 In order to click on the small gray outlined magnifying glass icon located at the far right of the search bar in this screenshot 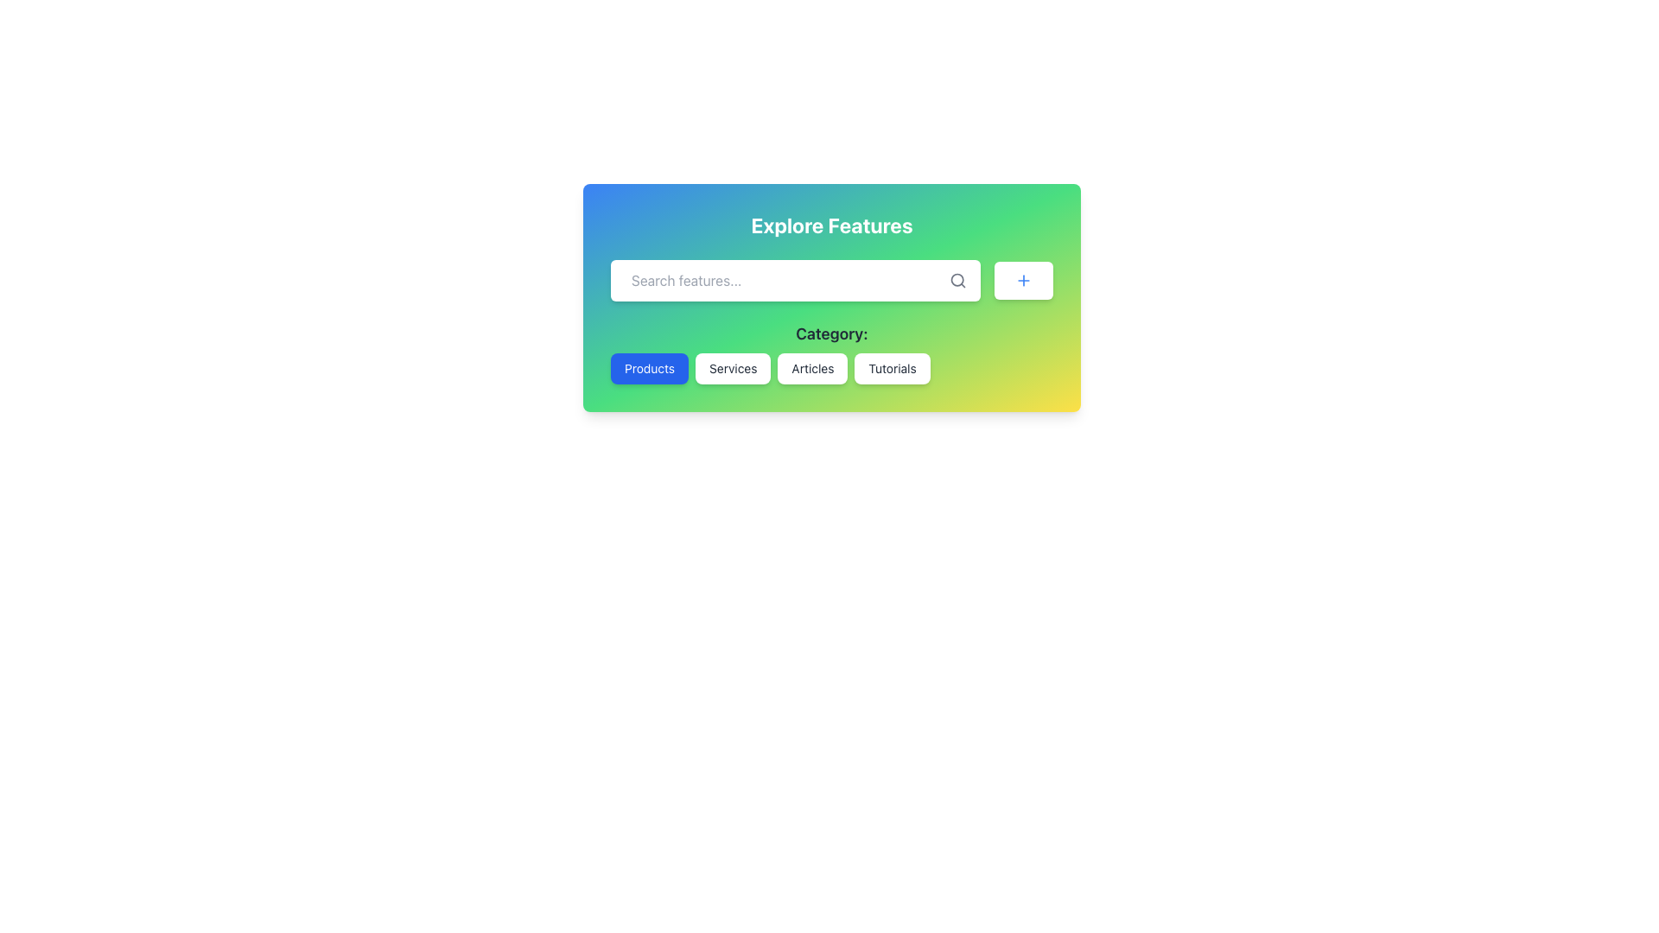, I will do `click(957, 279)`.